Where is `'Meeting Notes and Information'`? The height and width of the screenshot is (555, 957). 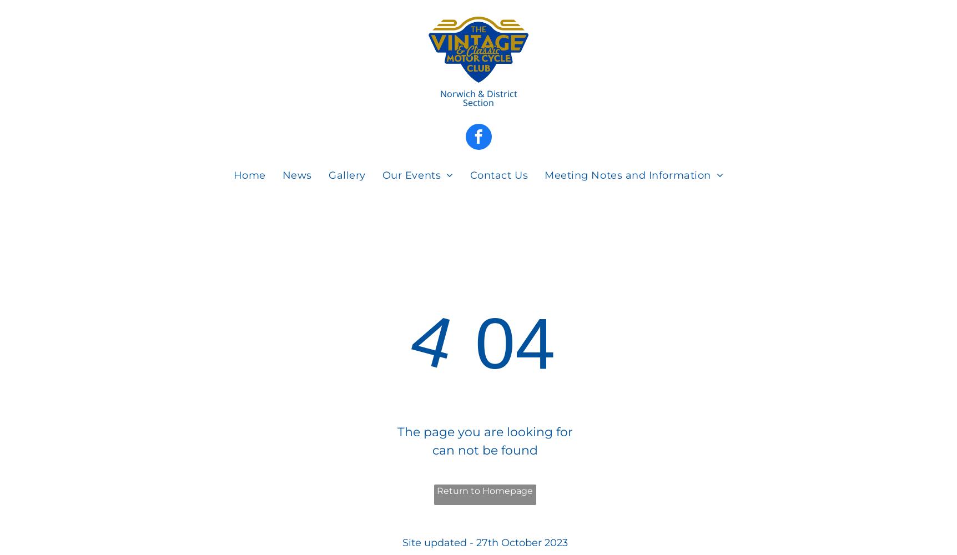 'Meeting Notes and Information' is located at coordinates (627, 174).